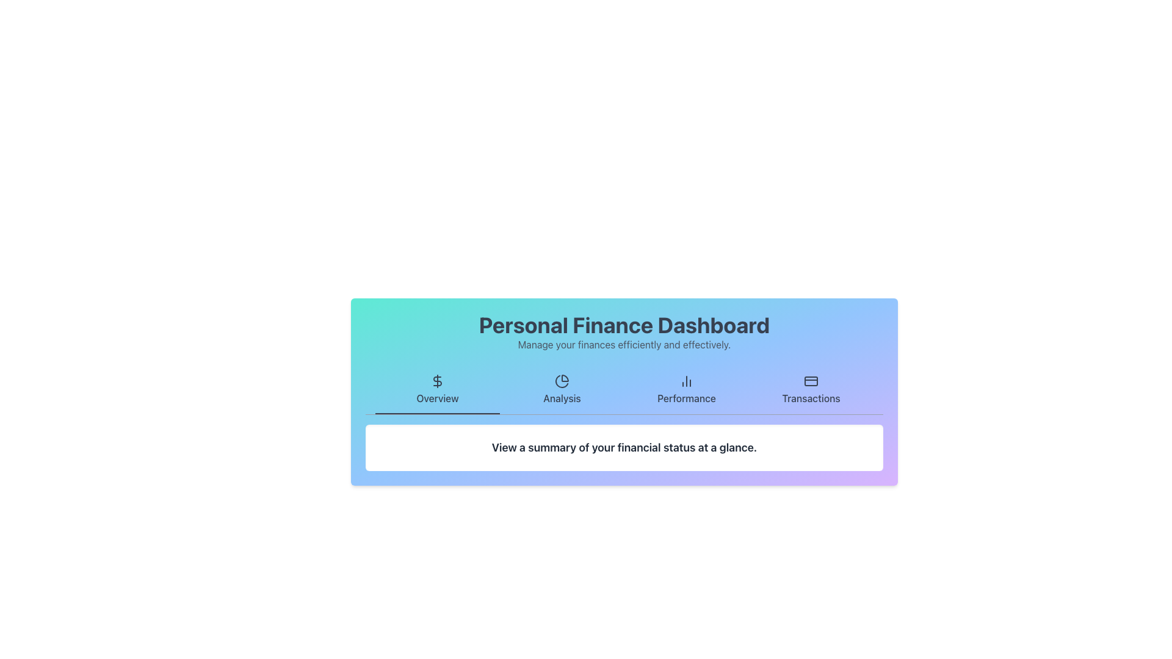  Describe the element at coordinates (686, 391) in the screenshot. I see `the 'Performance' navigation tab, which is the third item in the horizontal navigation bar of the 'Personal Finance Dashboard'` at that location.